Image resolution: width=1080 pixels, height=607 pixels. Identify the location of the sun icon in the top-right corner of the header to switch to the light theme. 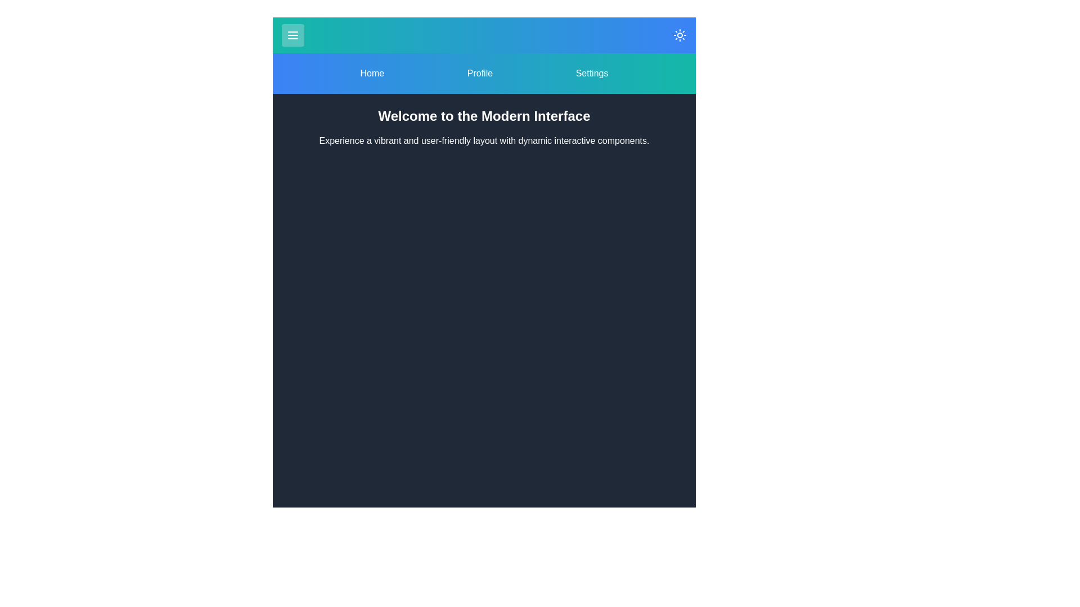
(679, 34).